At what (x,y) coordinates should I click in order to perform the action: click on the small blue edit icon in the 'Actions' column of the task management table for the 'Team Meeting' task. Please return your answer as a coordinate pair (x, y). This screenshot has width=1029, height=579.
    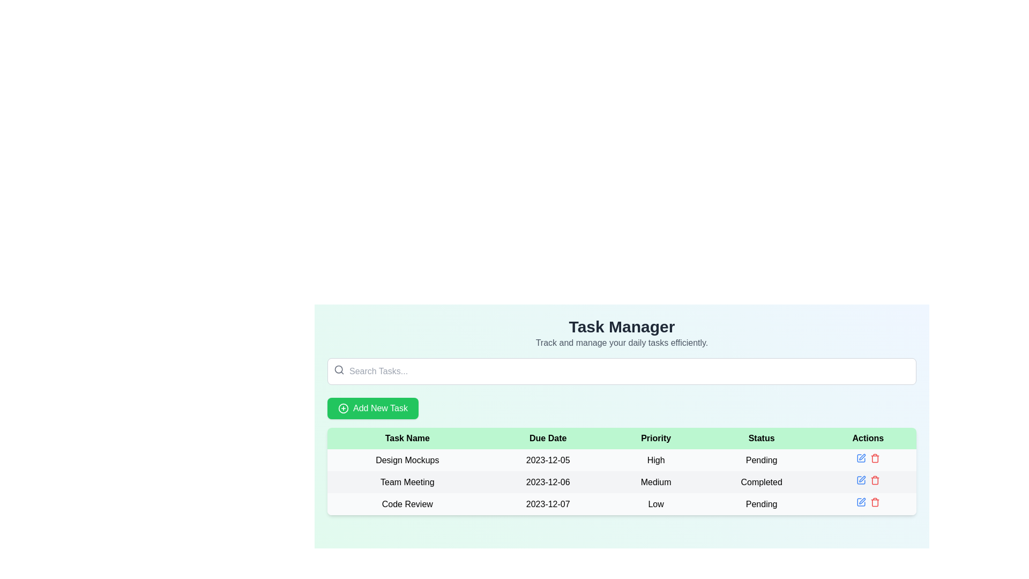
    Looking at the image, I should click on (861, 479).